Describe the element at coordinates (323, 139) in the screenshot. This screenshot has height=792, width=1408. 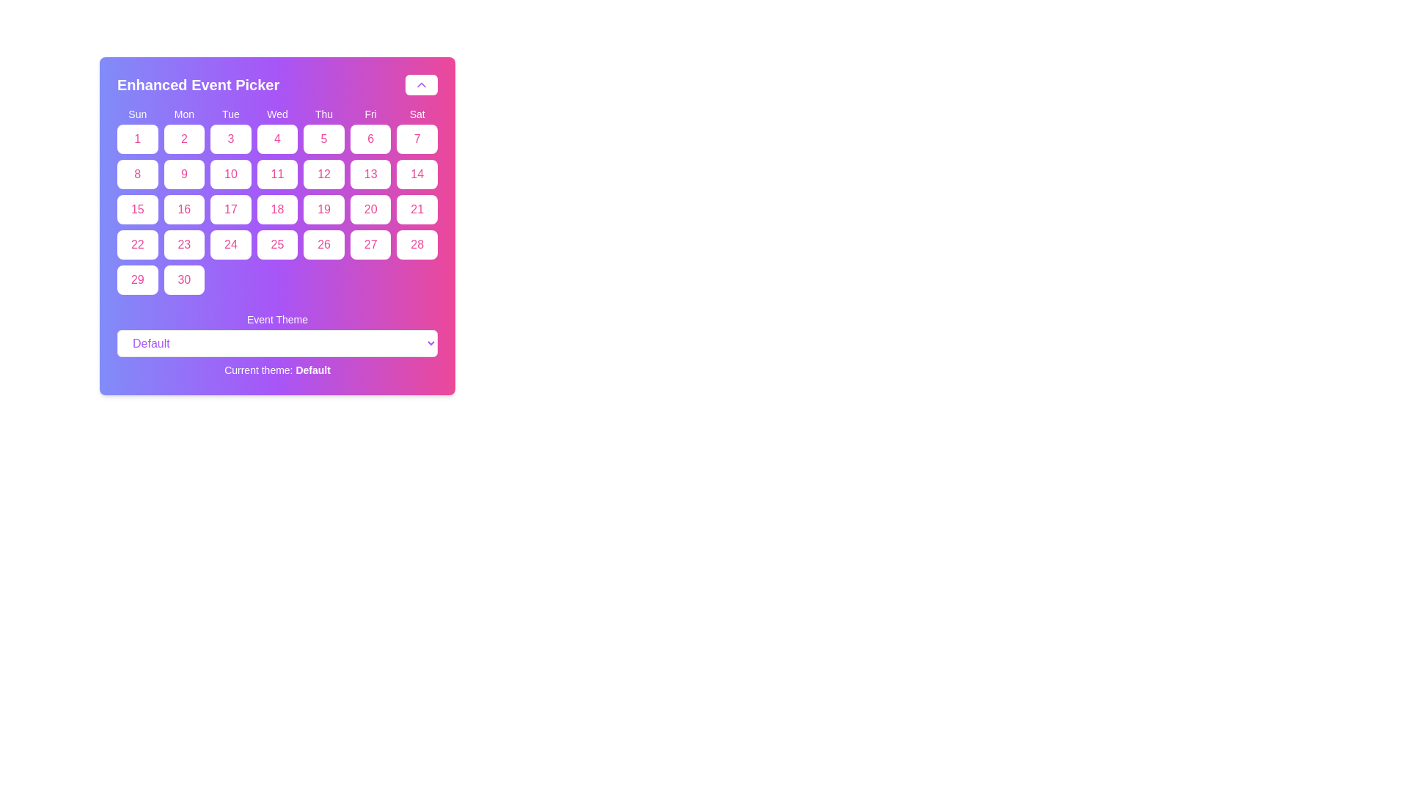
I see `the button in the 5th column of the top row in the calendar` at that location.